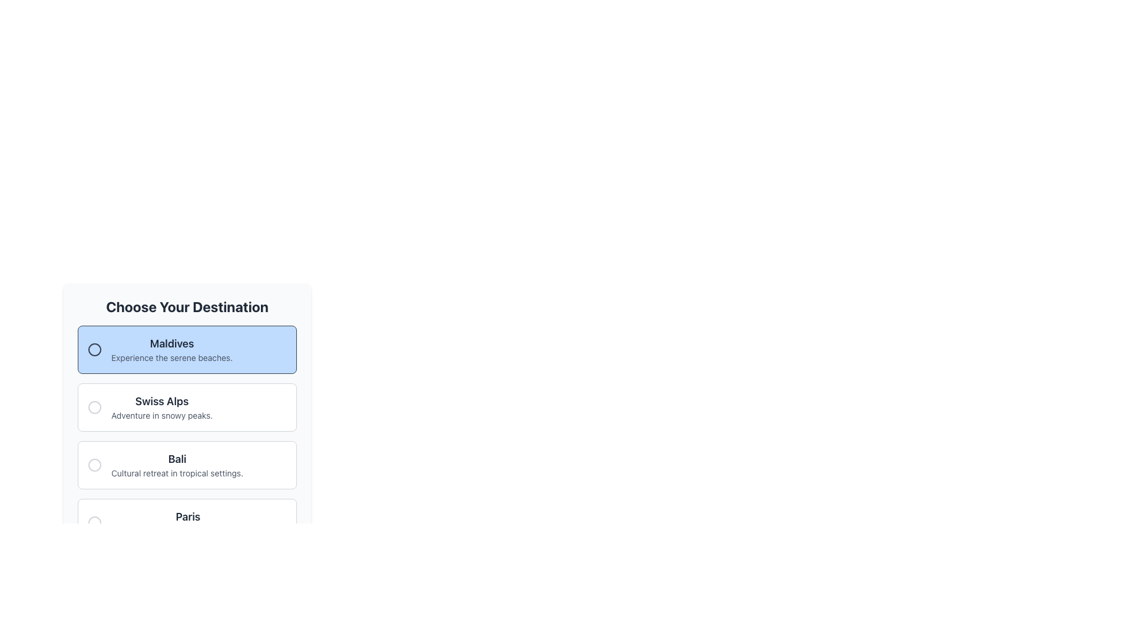 The image size is (1131, 636). Describe the element at coordinates (187, 522) in the screenshot. I see `the text label 'Paris'` at that location.